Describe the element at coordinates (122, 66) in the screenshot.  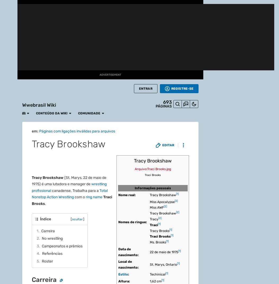
I see `'The Young Bucks'` at that location.